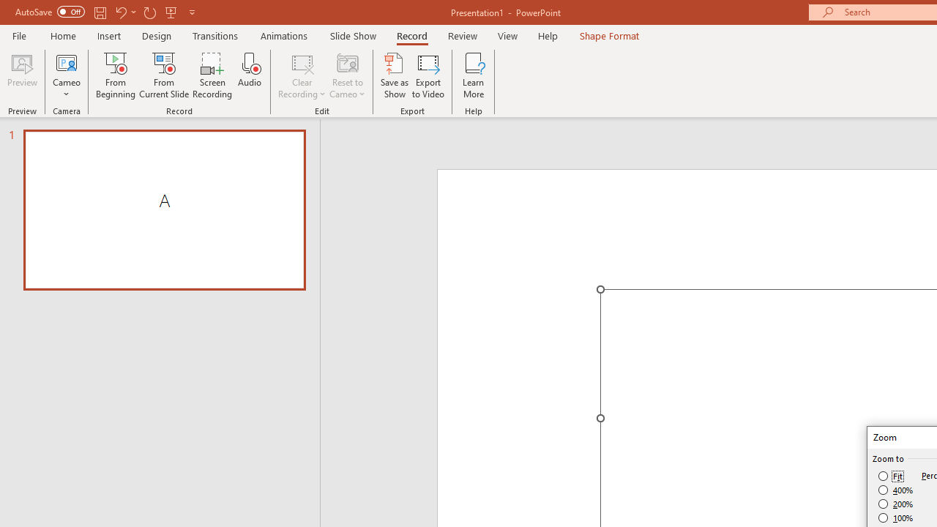  What do you see at coordinates (395, 75) in the screenshot?
I see `'Save as Show'` at bounding box center [395, 75].